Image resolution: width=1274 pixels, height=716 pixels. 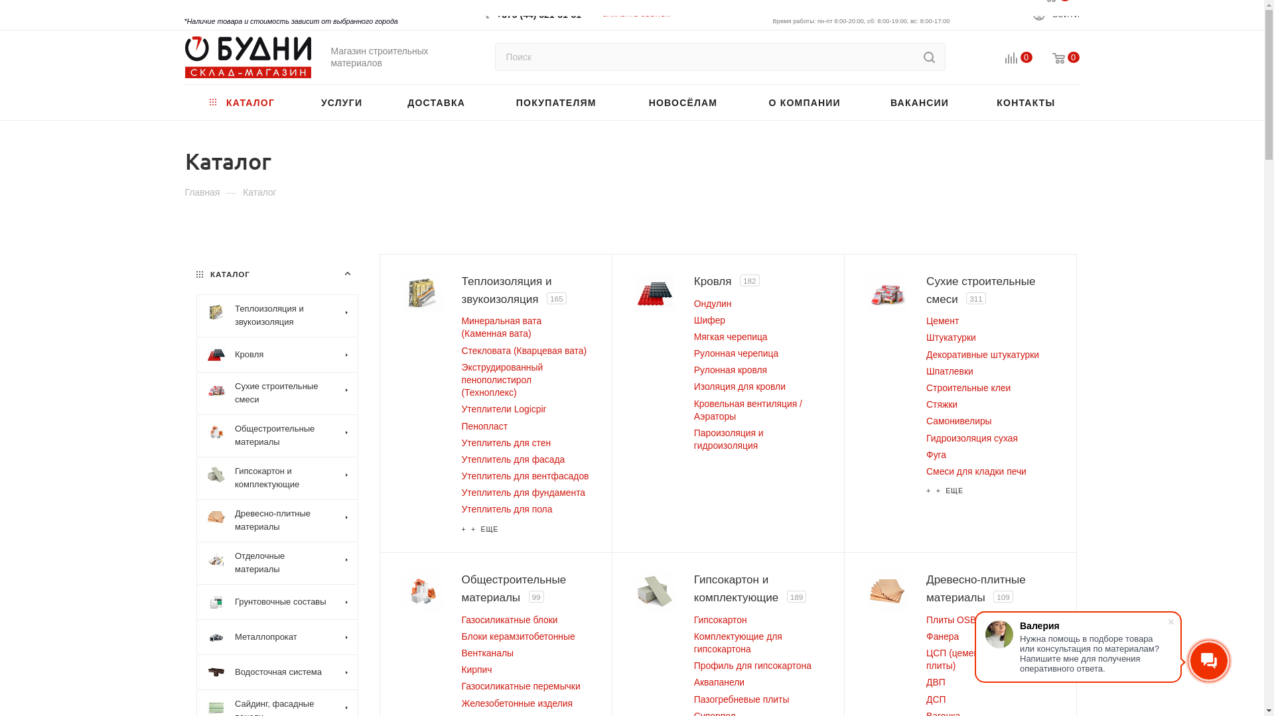 What do you see at coordinates (538, 10) in the screenshot?
I see `'+375 (44) 521-51-51'` at bounding box center [538, 10].